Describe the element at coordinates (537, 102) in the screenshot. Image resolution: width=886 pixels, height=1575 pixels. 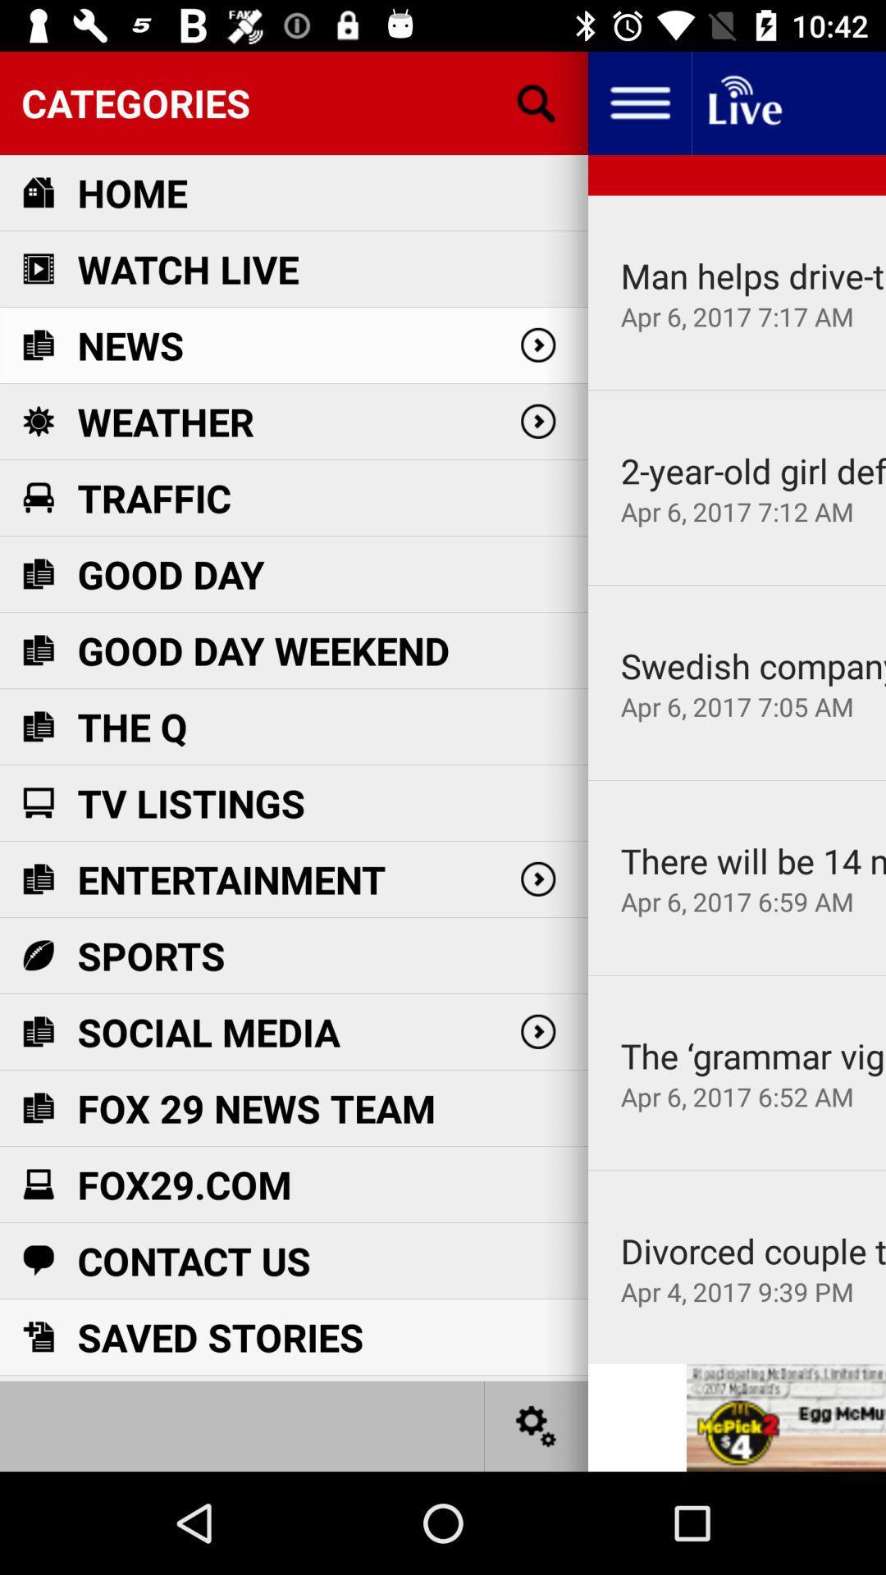
I see `search the categories` at that location.